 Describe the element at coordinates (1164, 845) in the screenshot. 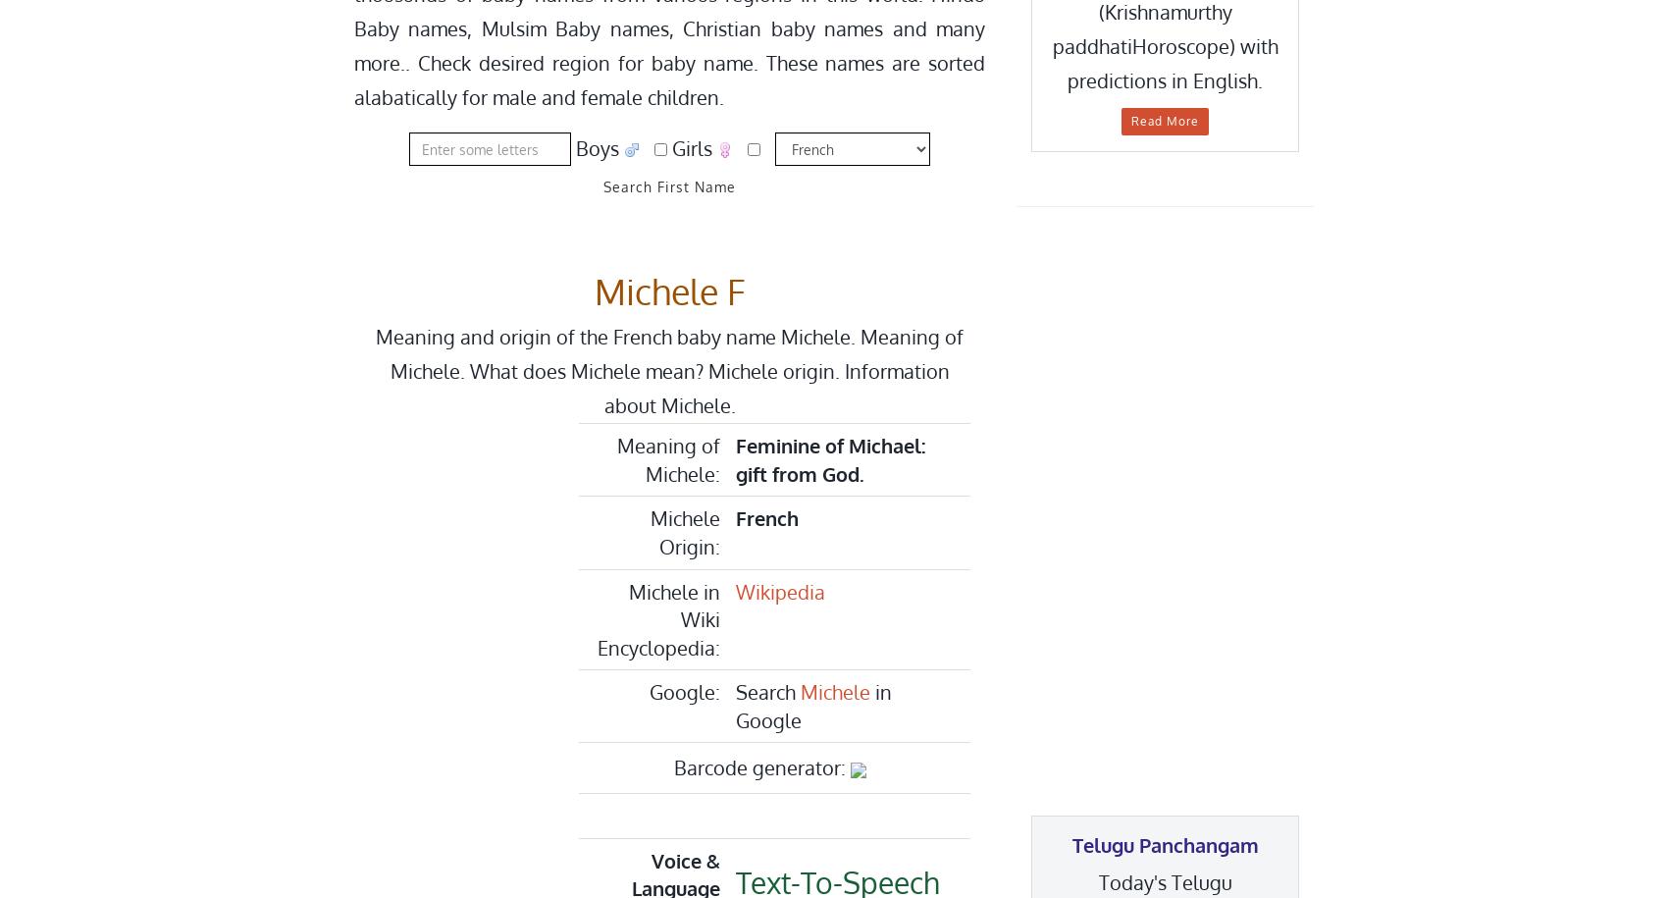

I see `'Telugu Panchangam'` at that location.